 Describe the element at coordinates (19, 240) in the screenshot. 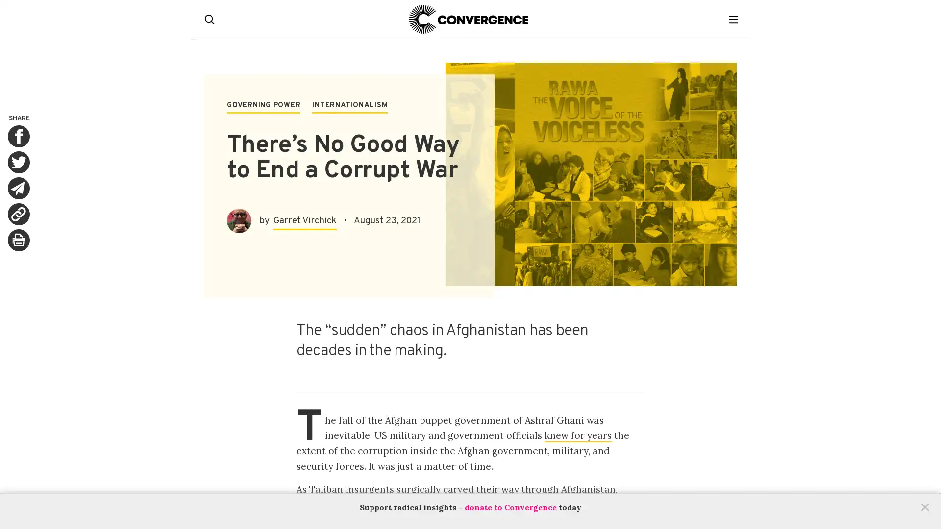

I see `Share via Print` at that location.